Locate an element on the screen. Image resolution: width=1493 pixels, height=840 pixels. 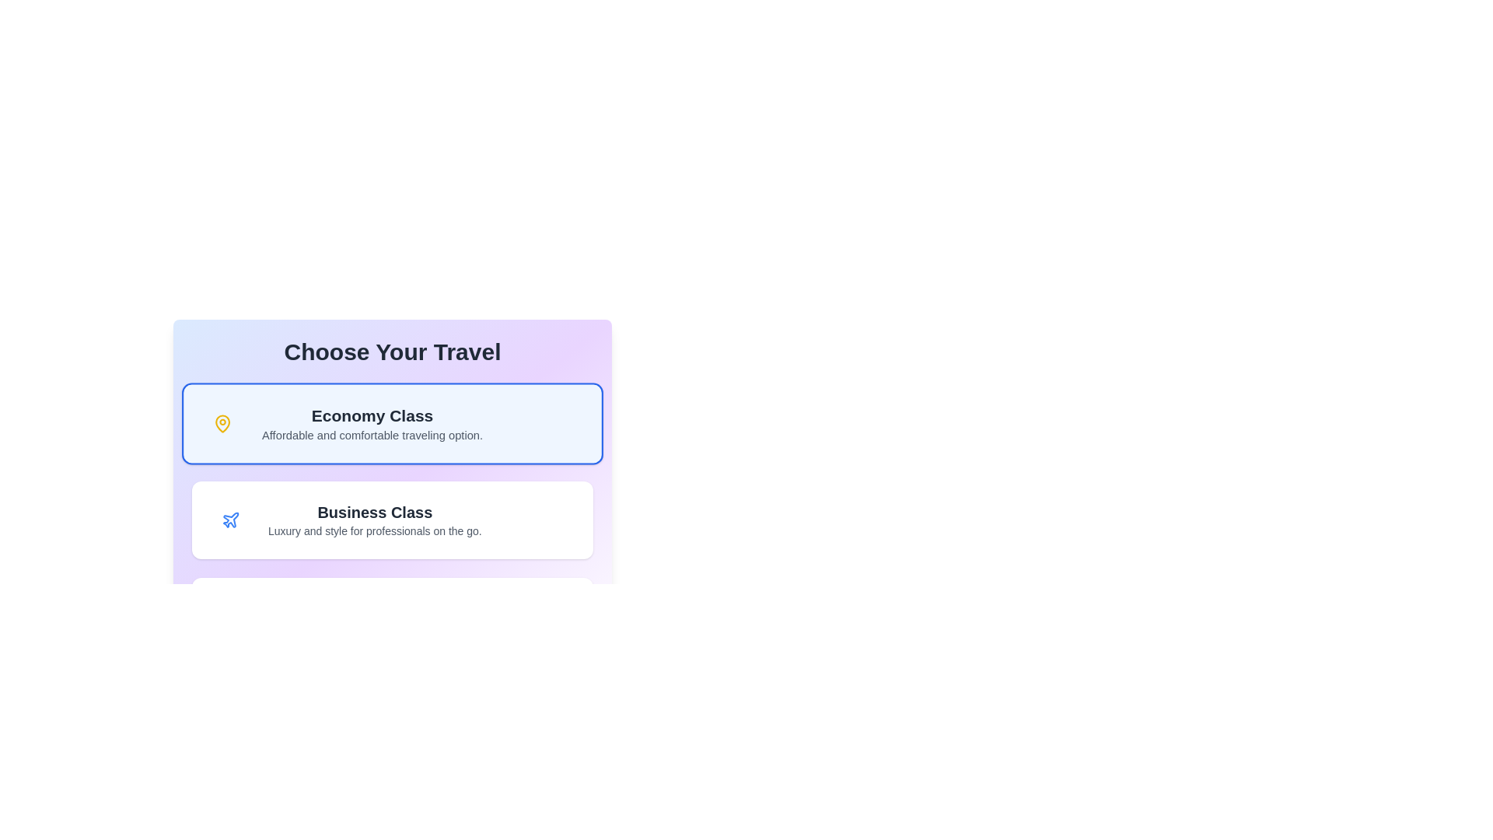
the airplane icon representing the 'Business Class' option is located at coordinates (230, 520).